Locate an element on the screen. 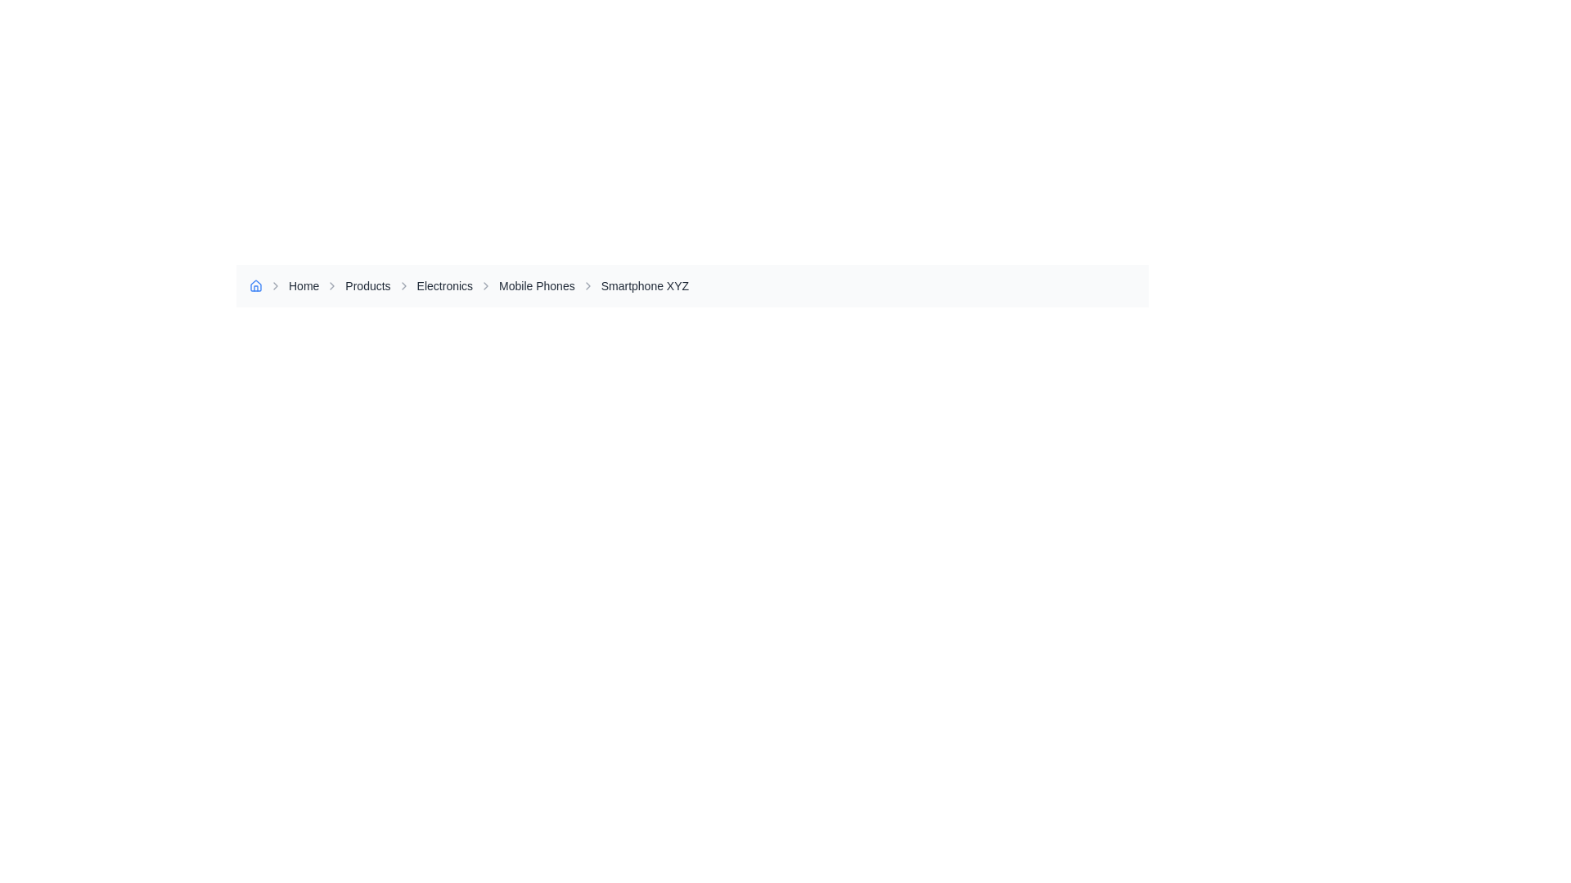 The image size is (1571, 883). the rightward chevron icon in the breadcrumb navigation bar adjacent to 'Smartphone XYZ' is located at coordinates (587, 285).